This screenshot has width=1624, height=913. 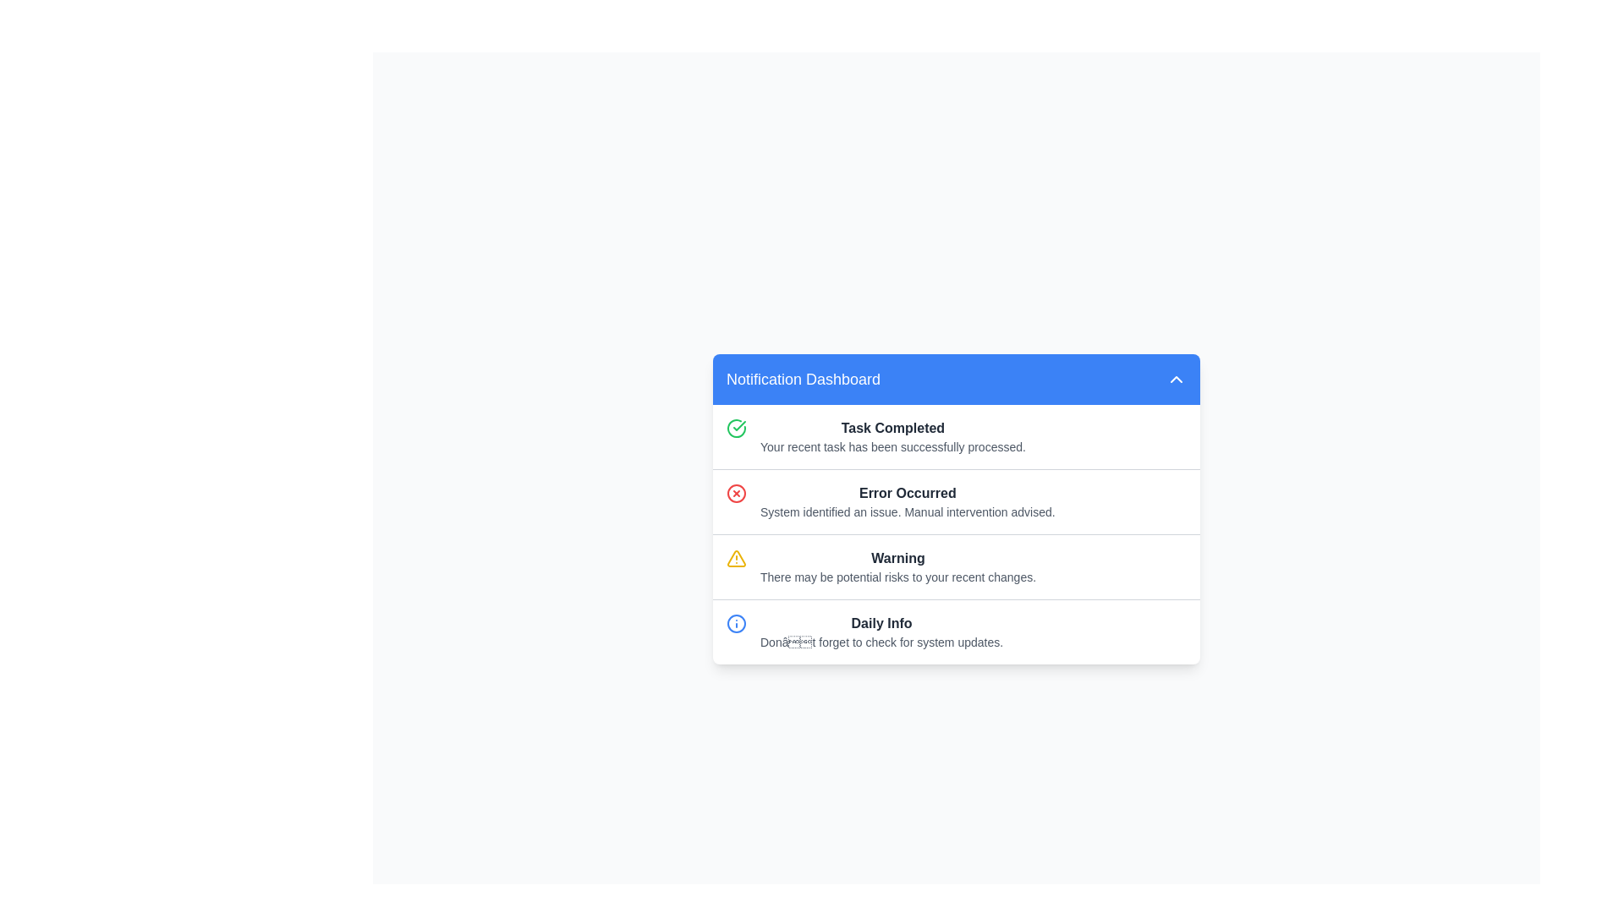 I want to click on text from the light gray Text Label that says 'Don’t forget to check for system updates.' located below the 'Daily Info' title in the Notification Dashboard, so click(x=881, y=642).